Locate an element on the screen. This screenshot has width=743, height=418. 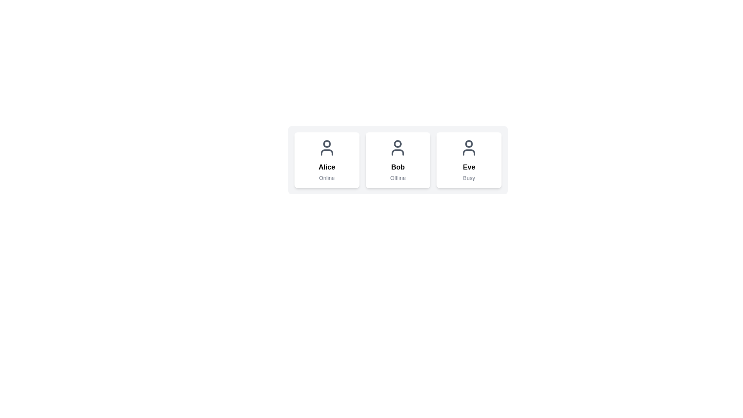
the 'Busy' text label located under the name 'Eve' in the card, which is styled in gray and has a smaller font size is located at coordinates (469, 178).